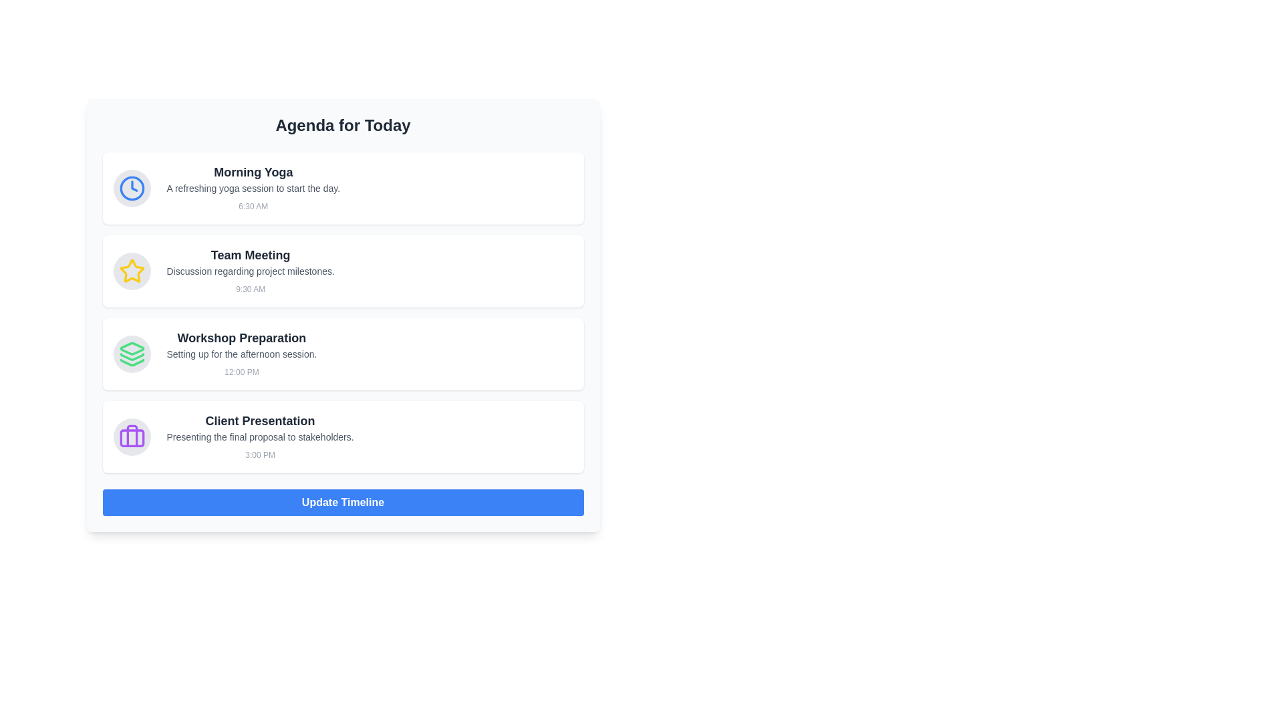 This screenshot has height=722, width=1283. I want to click on the rounded icon with a gray background featuring a purple suitcase symbol located in the fourth card labeled 'Client Presentation' under 'Agenda for Today', so click(132, 437).